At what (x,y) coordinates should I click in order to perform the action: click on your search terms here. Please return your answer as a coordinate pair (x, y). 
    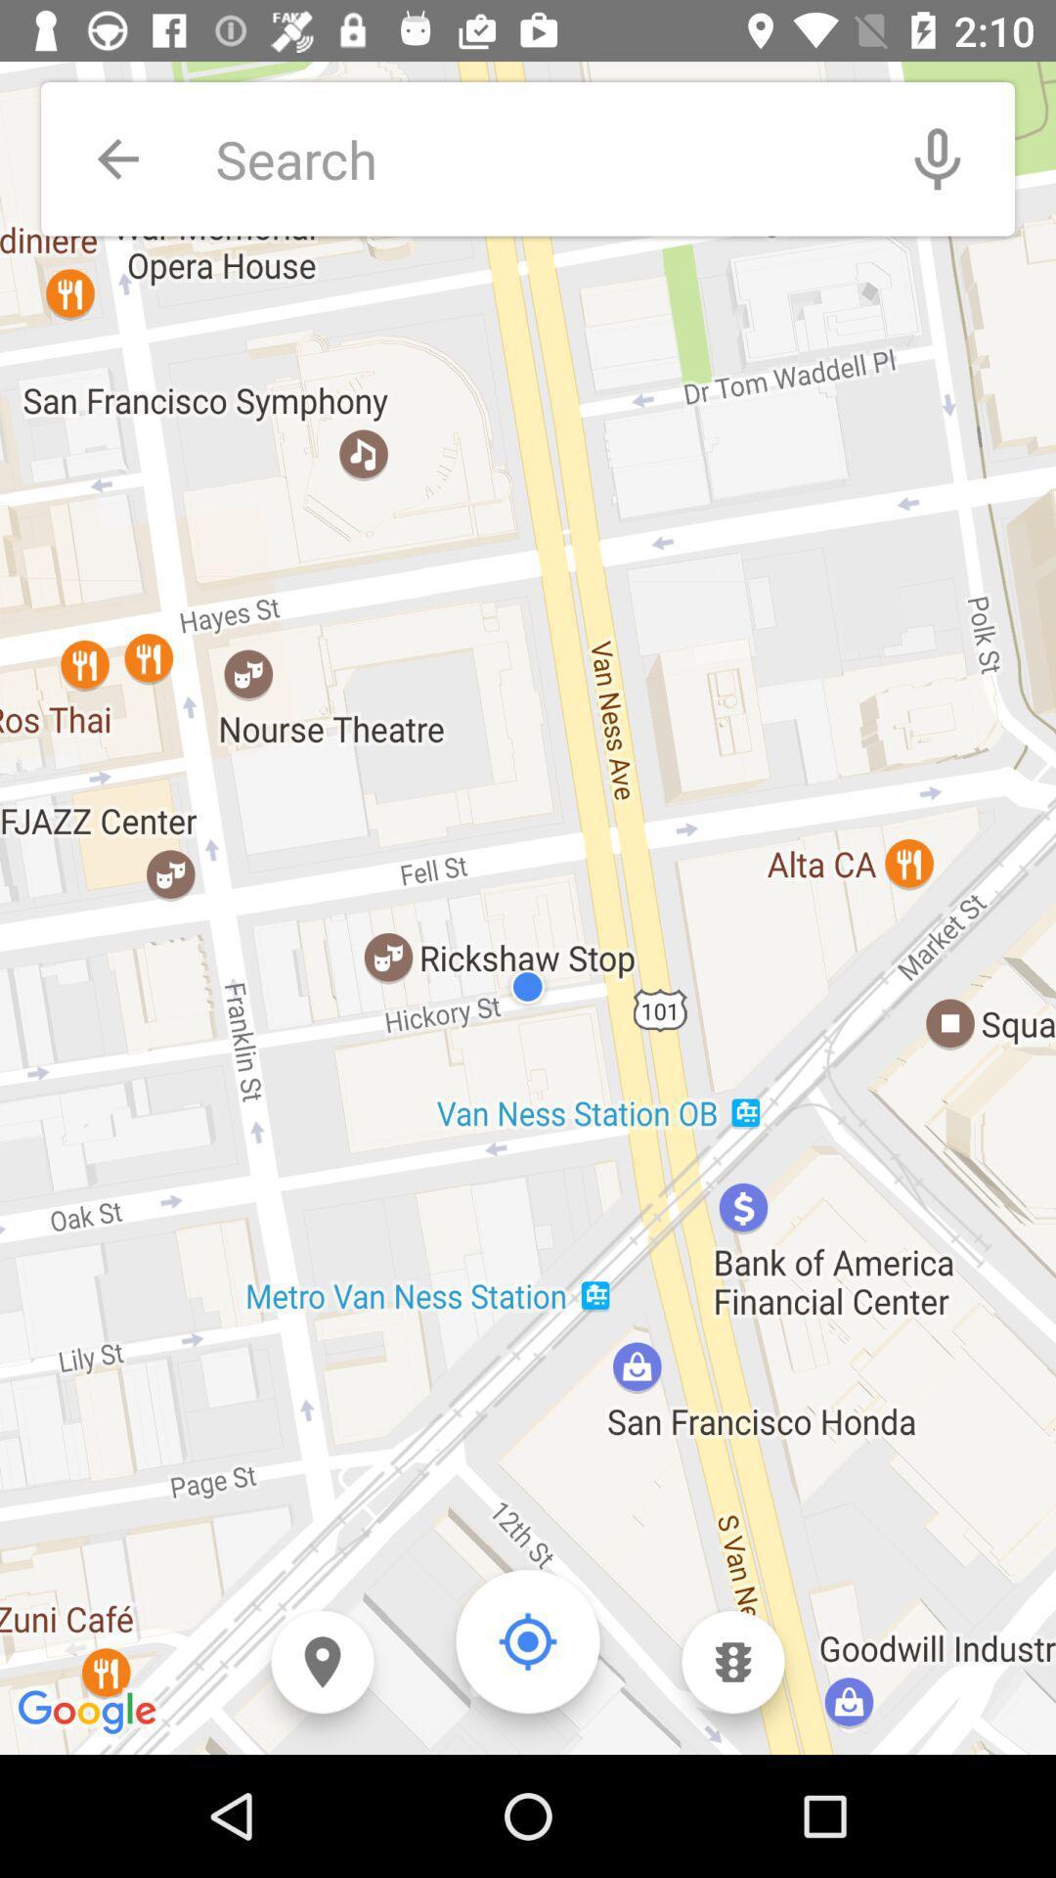
    Looking at the image, I should click on (538, 158).